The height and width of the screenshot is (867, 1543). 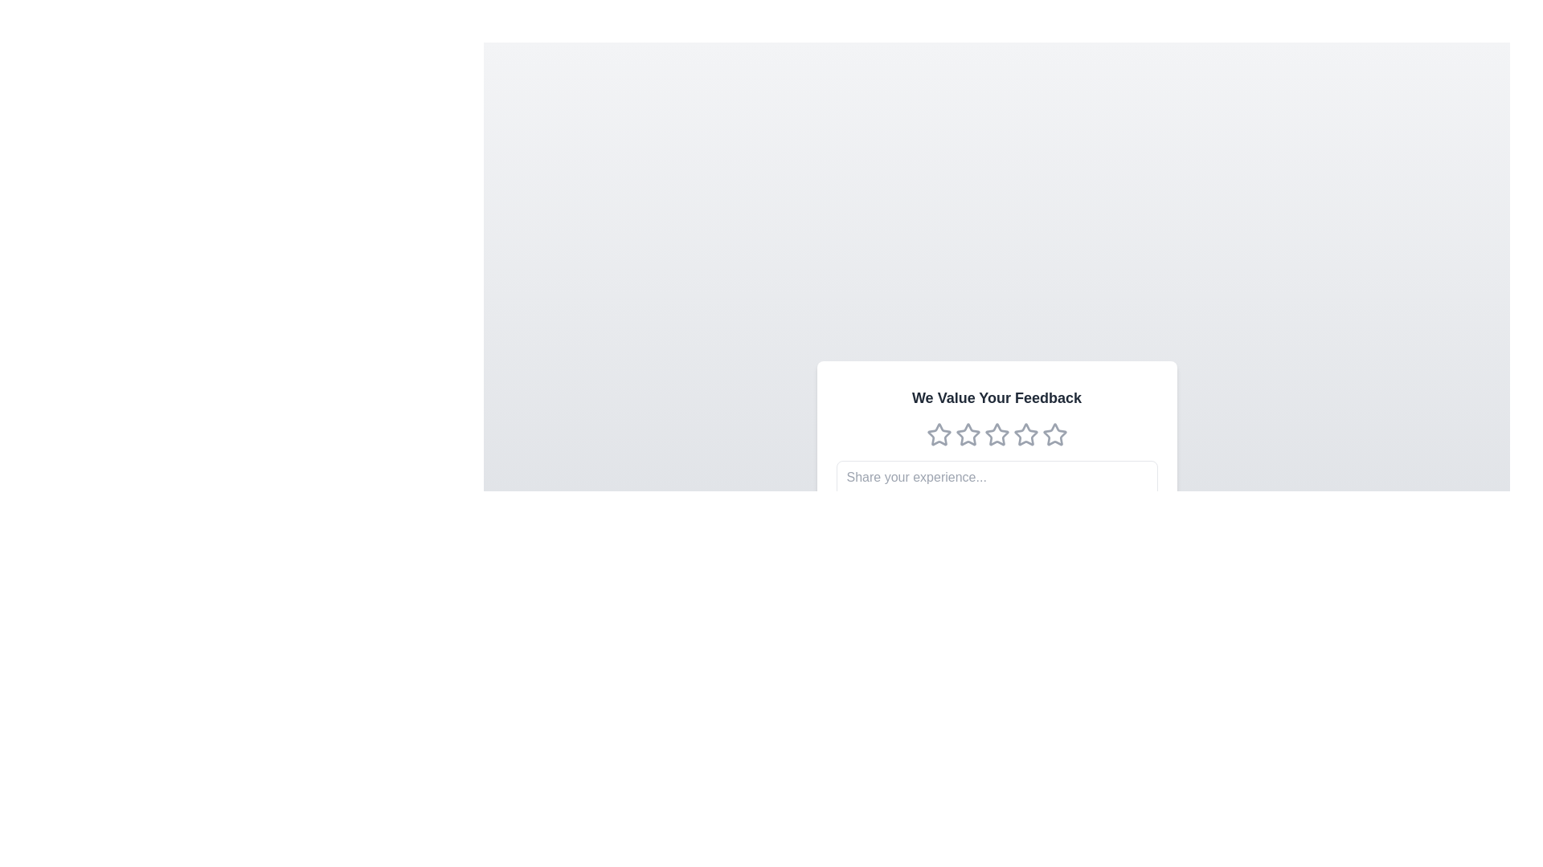 What do you see at coordinates (1025, 435) in the screenshot?
I see `on the fourth star icon in the rating system, which is outlined and gray, located beneath the heading 'We Value Your Feedback'` at bounding box center [1025, 435].